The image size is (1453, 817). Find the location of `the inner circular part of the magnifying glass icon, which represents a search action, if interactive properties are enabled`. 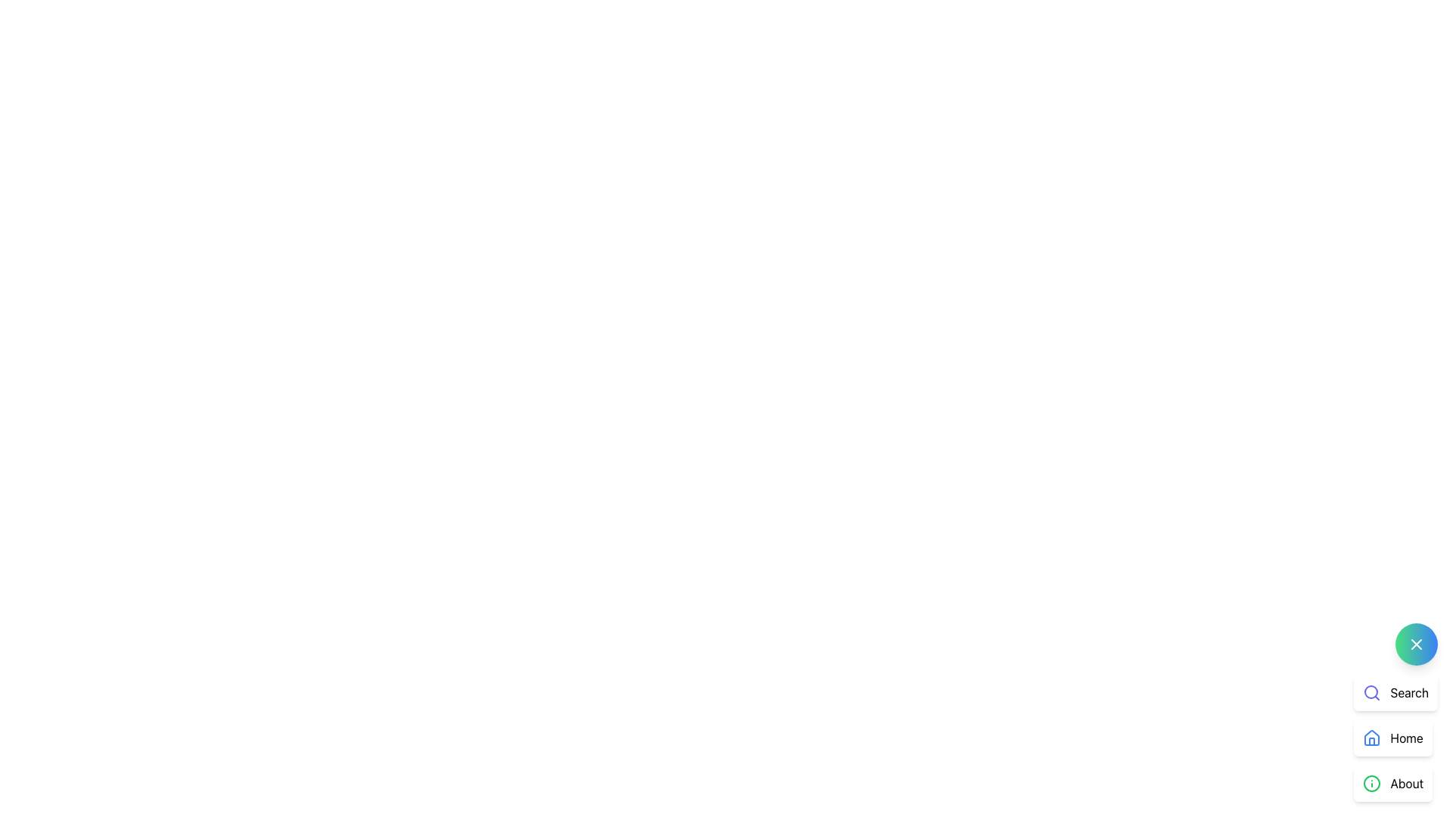

the inner circular part of the magnifying glass icon, which represents a search action, if interactive properties are enabled is located at coordinates (1371, 691).